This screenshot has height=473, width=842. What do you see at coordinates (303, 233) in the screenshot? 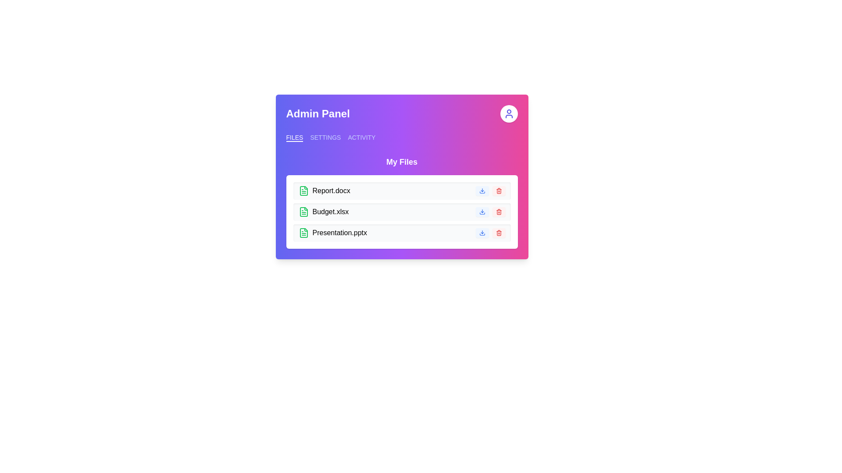
I see `the small file document icon with a green border located at the beginning of the list item labeled 'Presentation.pptx' on the third line` at bounding box center [303, 233].